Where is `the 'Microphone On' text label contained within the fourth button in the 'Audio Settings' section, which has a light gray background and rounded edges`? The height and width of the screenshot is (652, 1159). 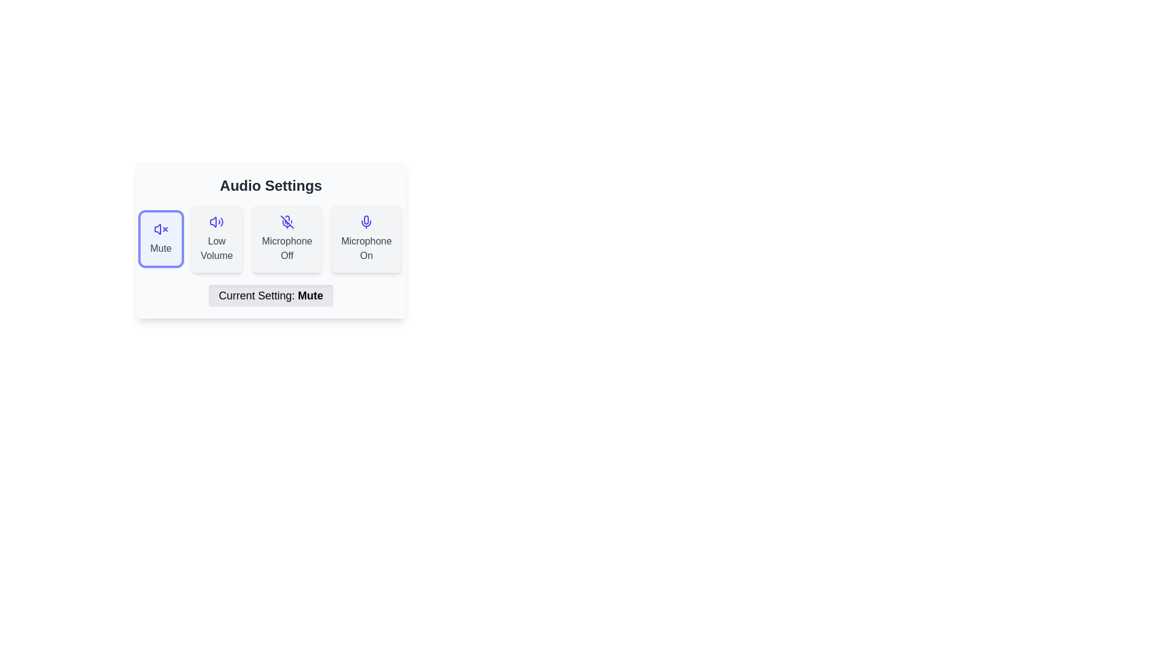
the 'Microphone On' text label contained within the fourth button in the 'Audio Settings' section, which has a light gray background and rounded edges is located at coordinates (366, 248).